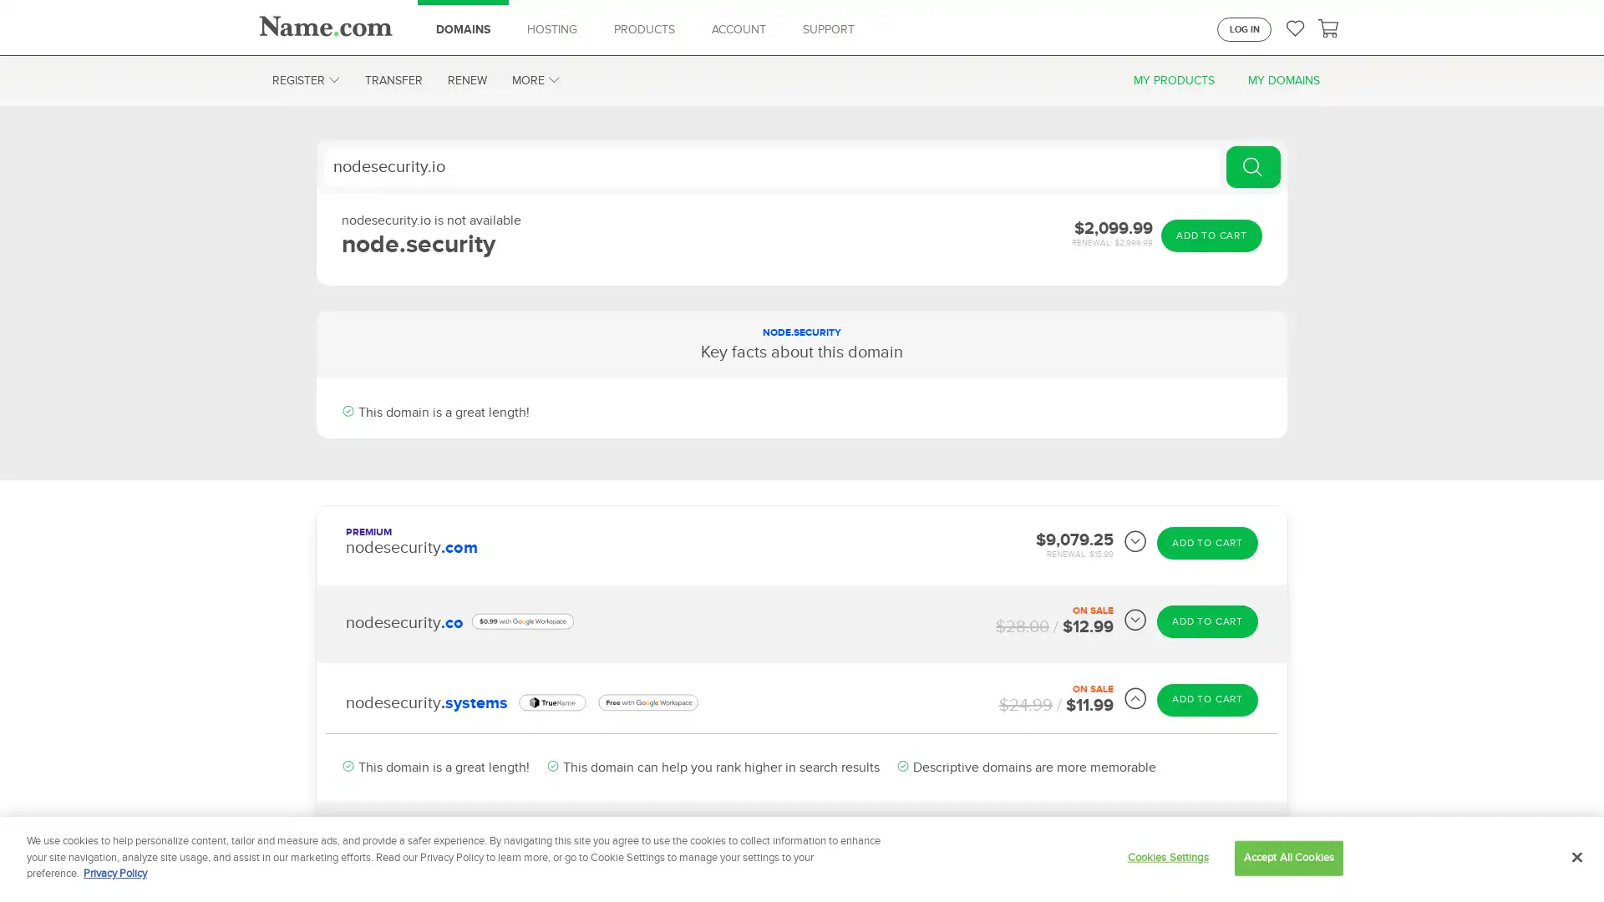 This screenshot has width=1604, height=902. Describe the element at coordinates (1211, 235) in the screenshot. I see `ADD TO CART` at that location.